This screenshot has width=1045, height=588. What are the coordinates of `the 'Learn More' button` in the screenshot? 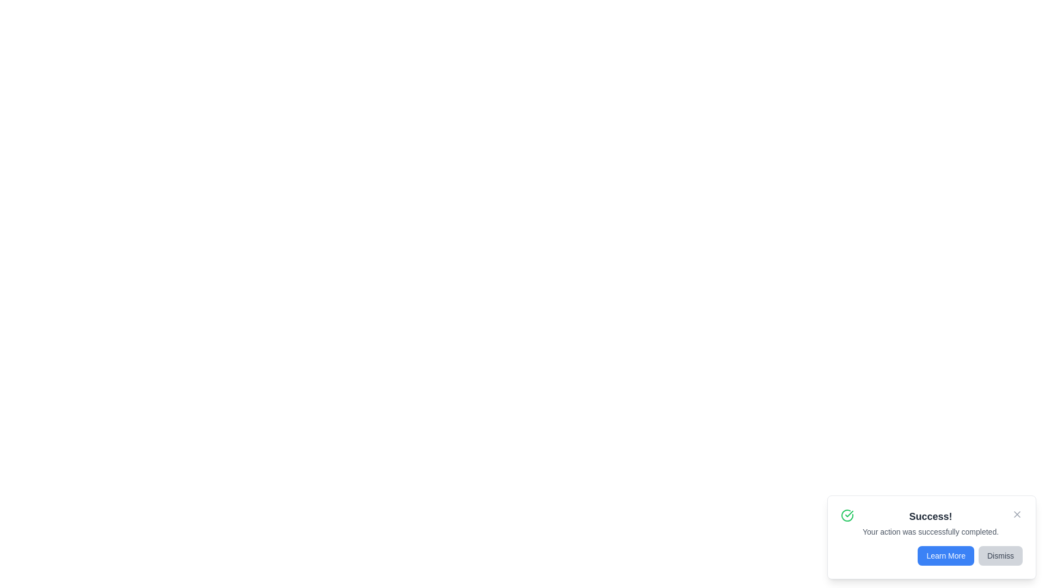 It's located at (945, 556).